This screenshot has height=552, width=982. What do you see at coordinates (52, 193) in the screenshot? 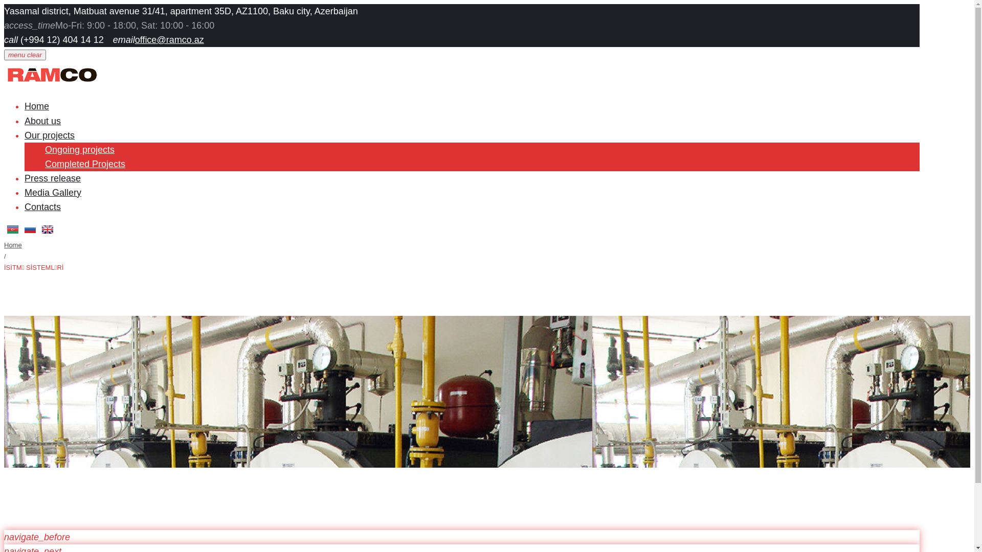
I see `'Media Gallery'` at bounding box center [52, 193].